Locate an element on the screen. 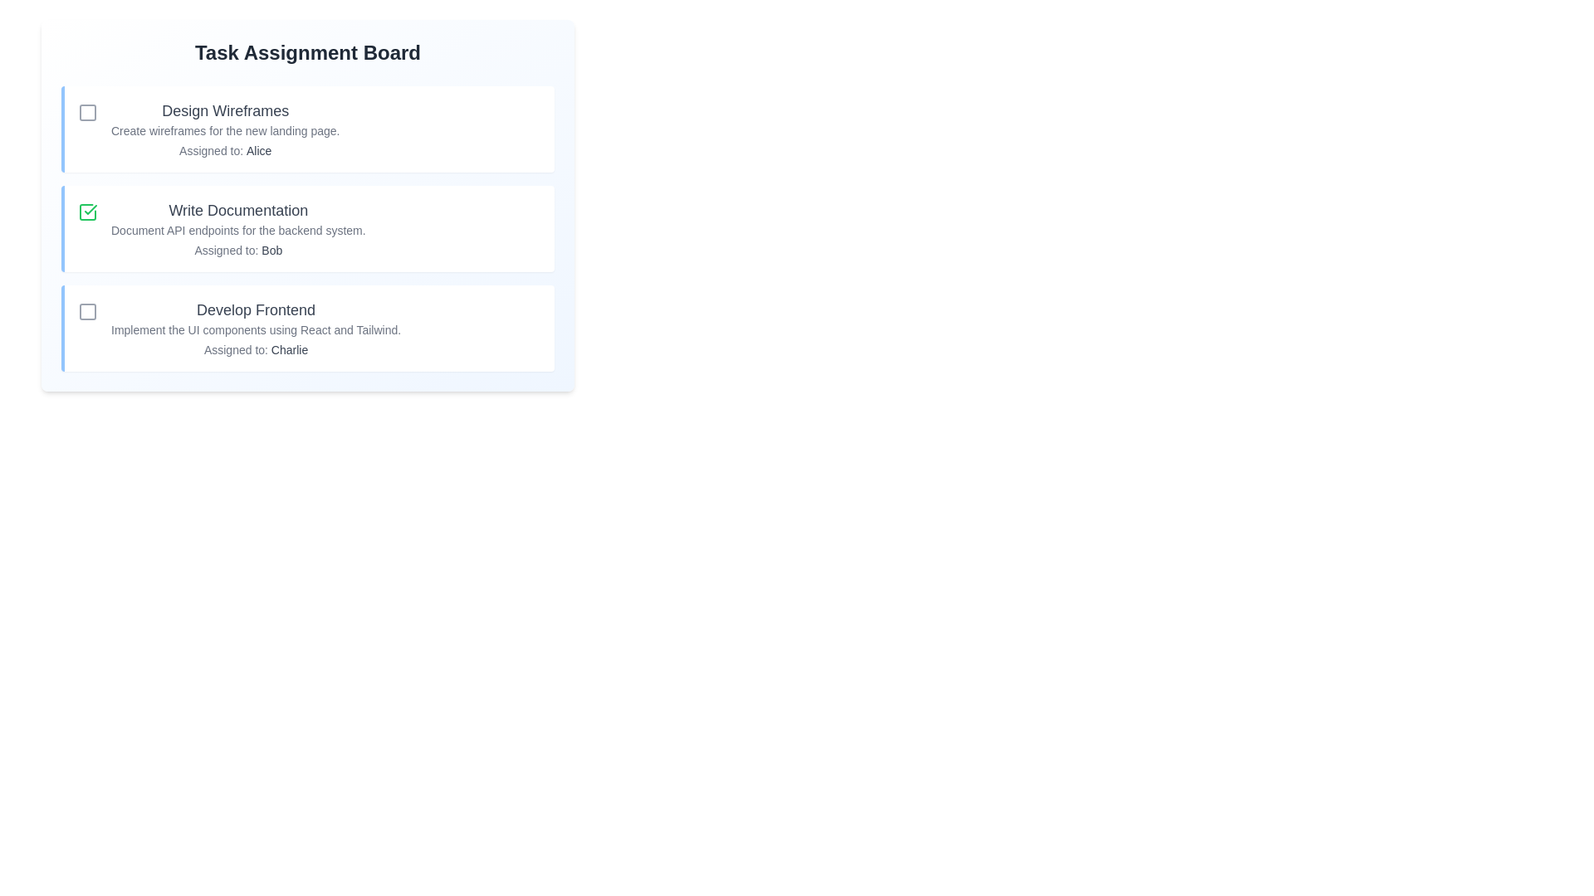 This screenshot has height=896, width=1594. the checkbox for the 'Design Wireframes' task is located at coordinates (86, 112).